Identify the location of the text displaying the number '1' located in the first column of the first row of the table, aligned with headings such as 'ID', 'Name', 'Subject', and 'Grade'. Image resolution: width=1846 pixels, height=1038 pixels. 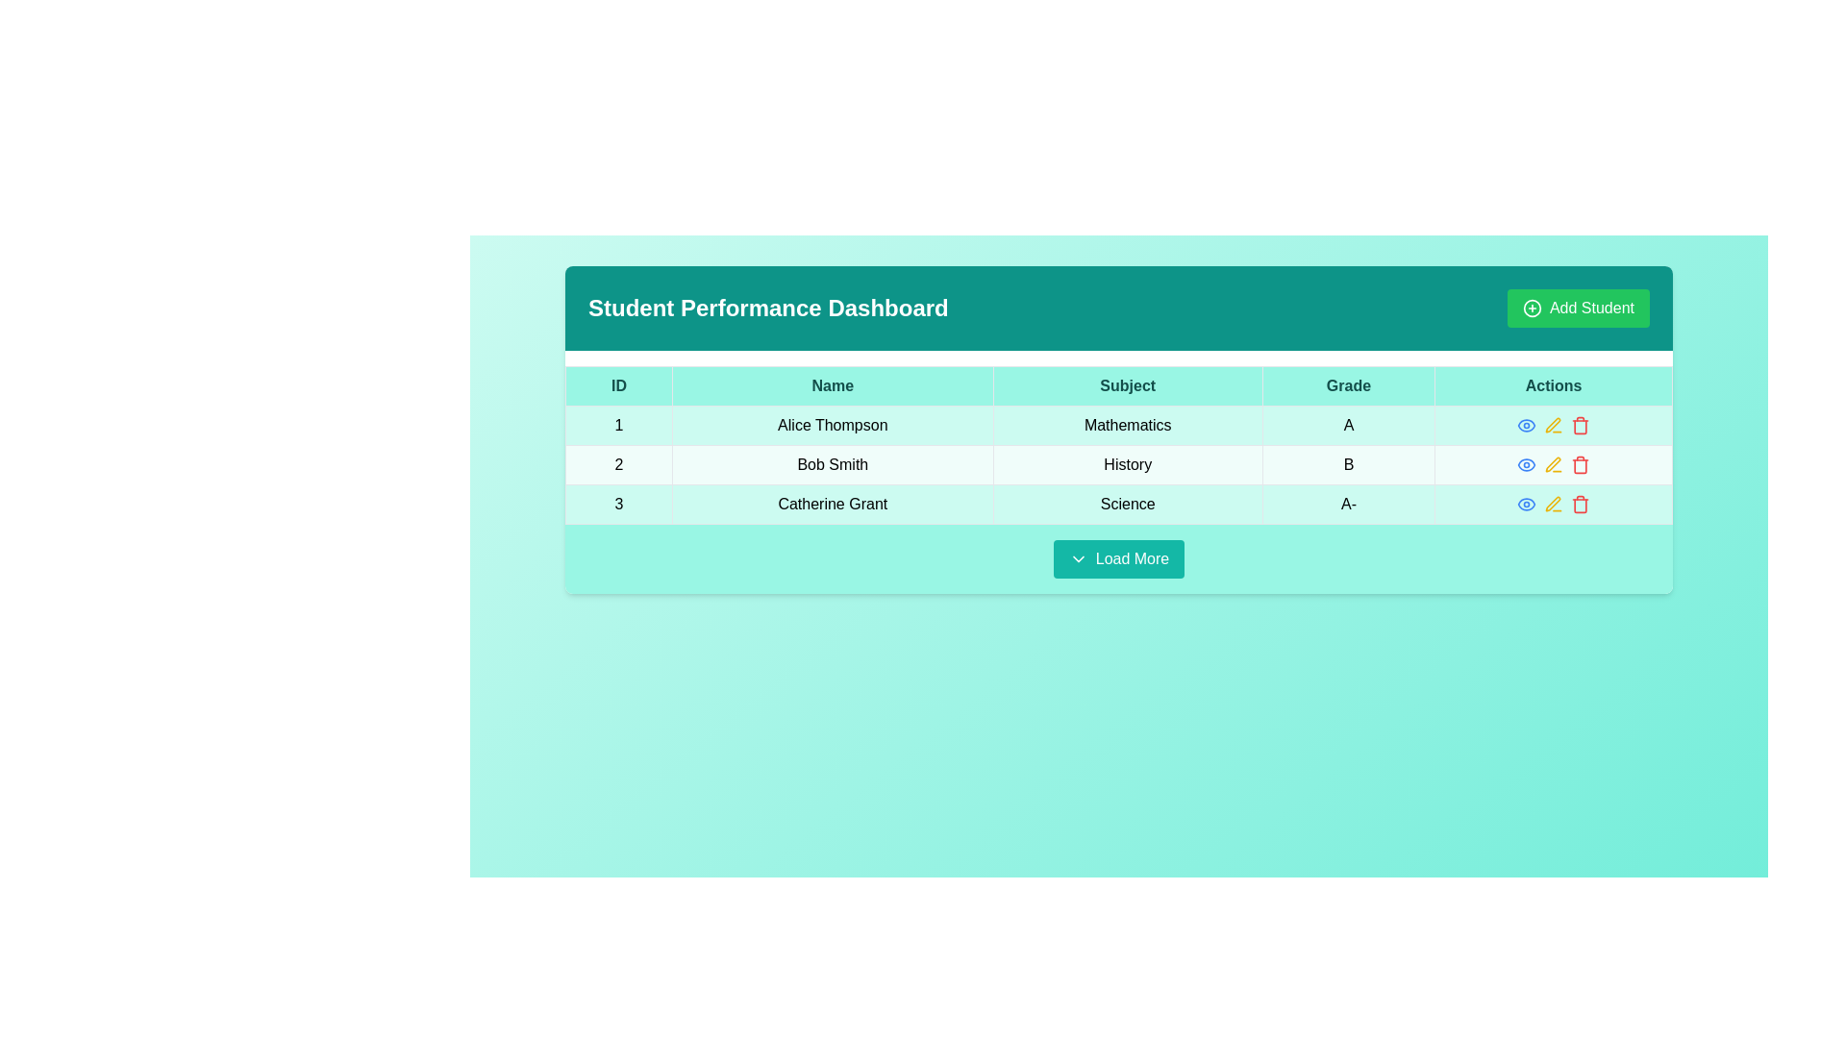
(618, 425).